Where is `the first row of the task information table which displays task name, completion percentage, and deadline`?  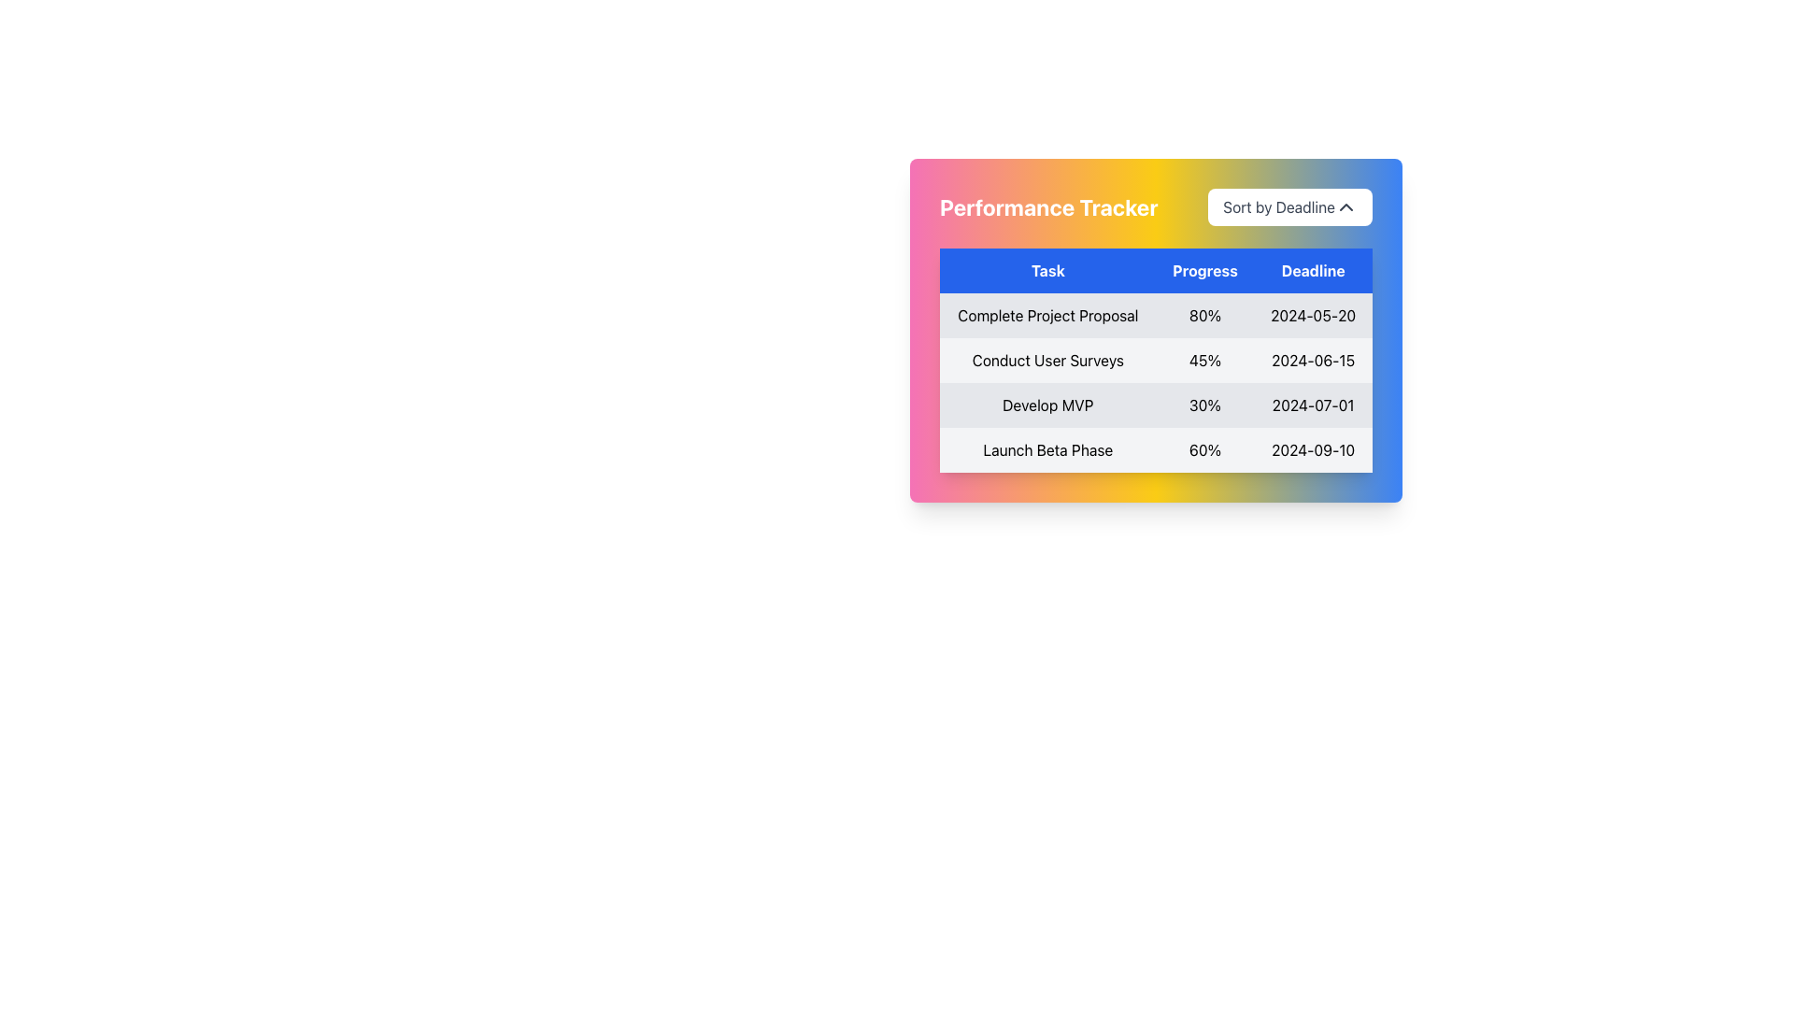 the first row of the task information table which displays task name, completion percentage, and deadline is located at coordinates (1155, 315).